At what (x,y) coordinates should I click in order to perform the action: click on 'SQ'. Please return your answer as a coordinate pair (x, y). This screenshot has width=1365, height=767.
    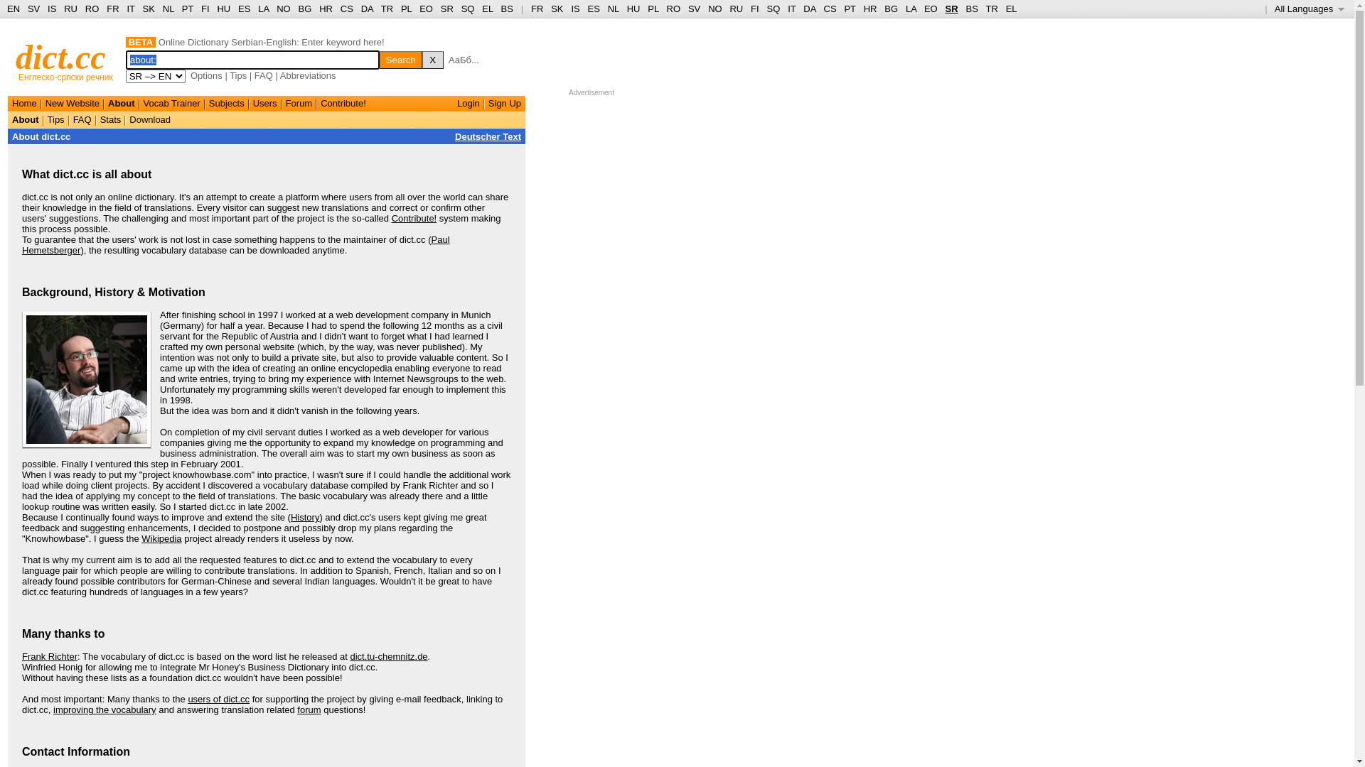
    Looking at the image, I should click on (468, 9).